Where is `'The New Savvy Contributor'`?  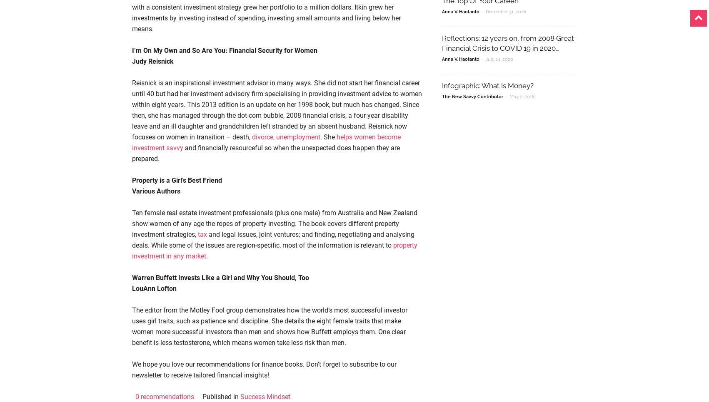 'The New Savvy Contributor' is located at coordinates (472, 96).